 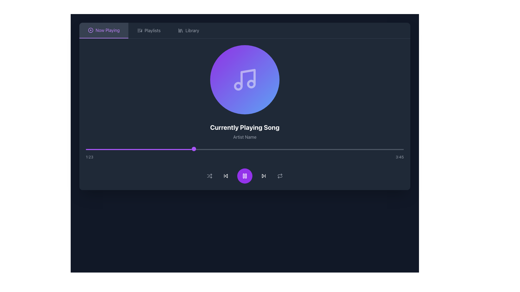 I want to click on the playback position, so click(x=197, y=149).